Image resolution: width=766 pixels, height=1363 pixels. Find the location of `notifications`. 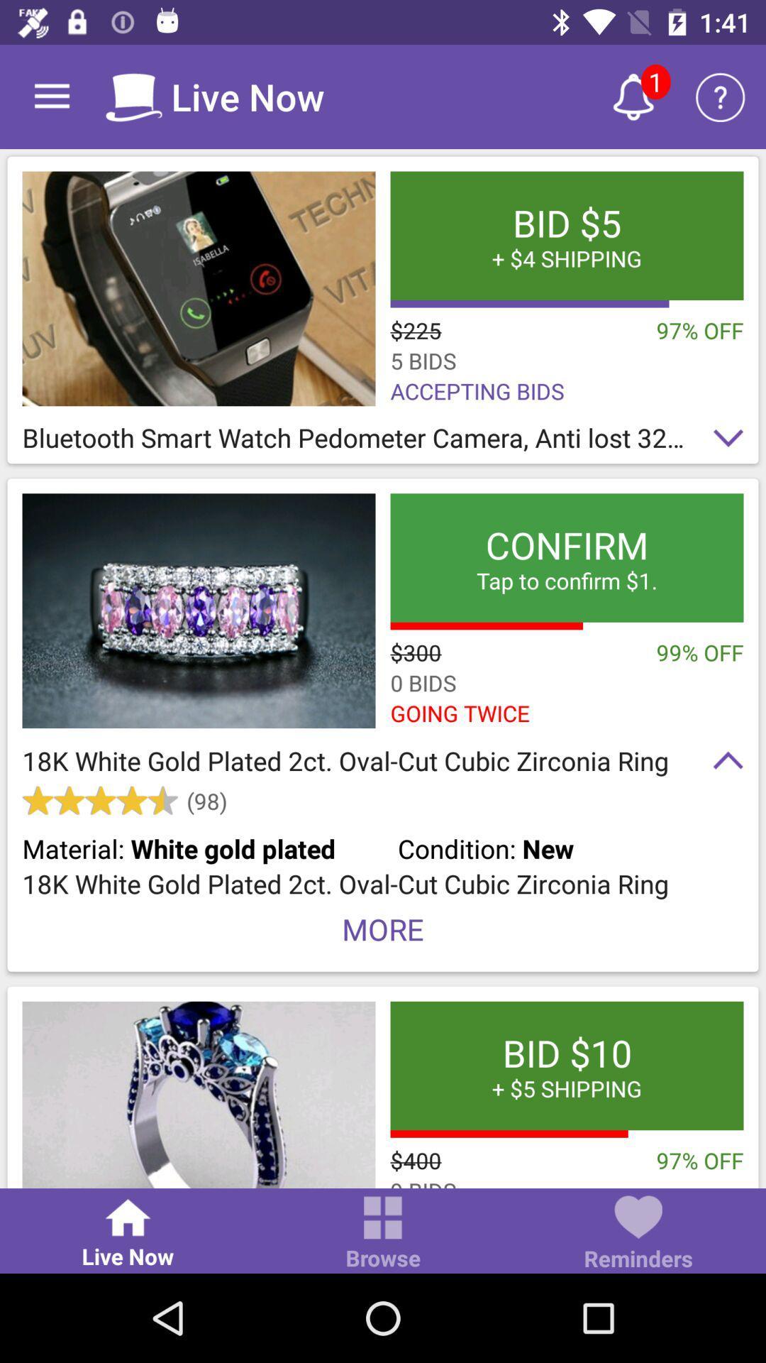

notifications is located at coordinates (633, 96).